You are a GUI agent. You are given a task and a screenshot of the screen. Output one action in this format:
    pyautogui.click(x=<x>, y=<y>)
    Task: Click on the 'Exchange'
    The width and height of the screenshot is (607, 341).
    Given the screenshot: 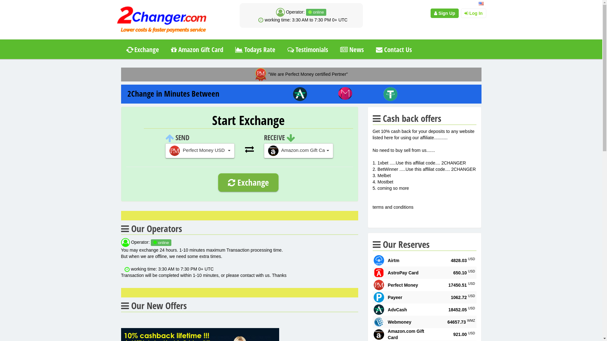 What is the action you would take?
    pyautogui.click(x=142, y=49)
    